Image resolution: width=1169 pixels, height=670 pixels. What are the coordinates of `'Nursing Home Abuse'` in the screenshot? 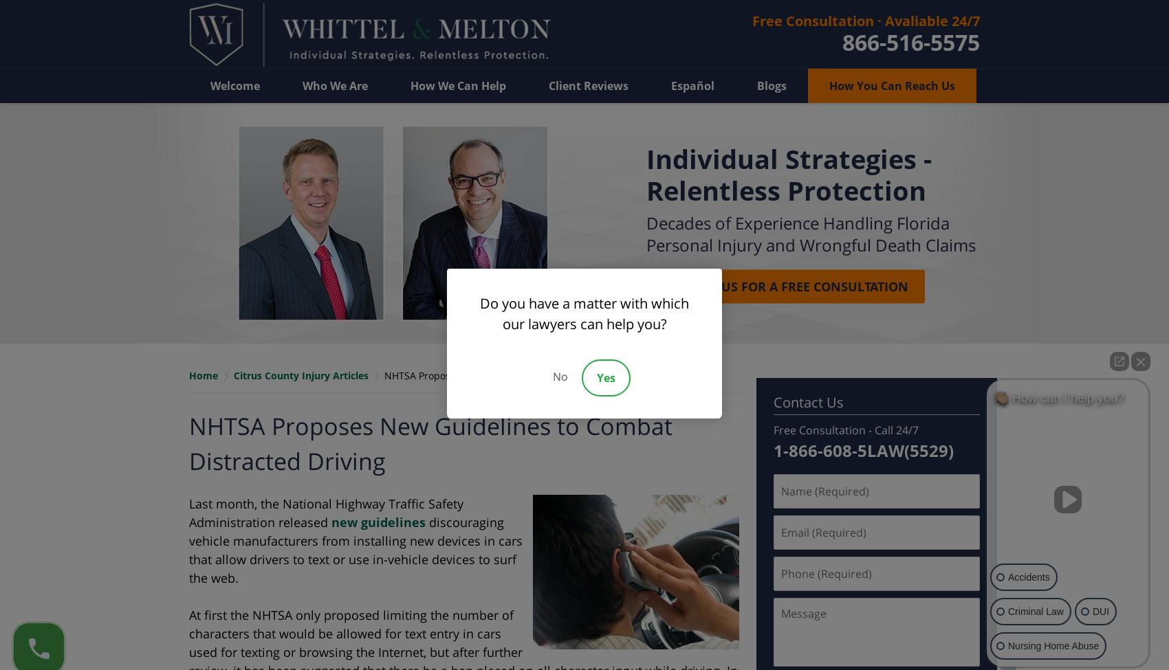 It's located at (1007, 645).